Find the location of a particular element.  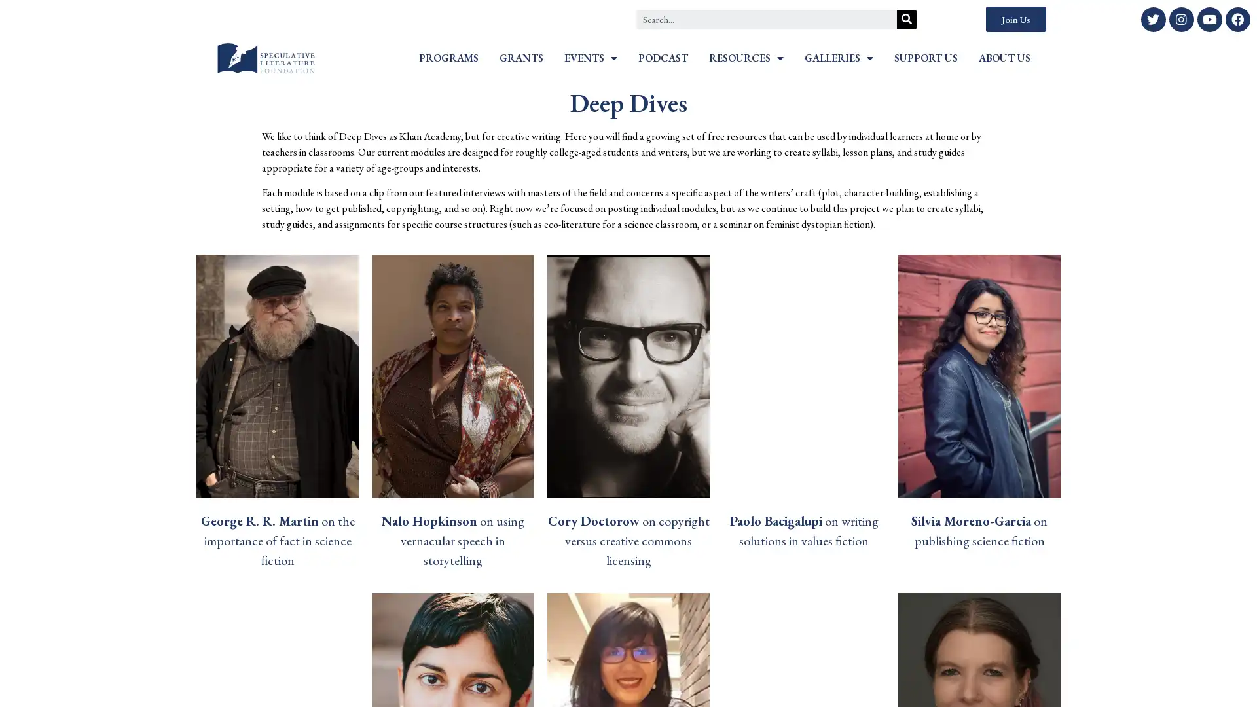

Search is located at coordinates (906, 19).